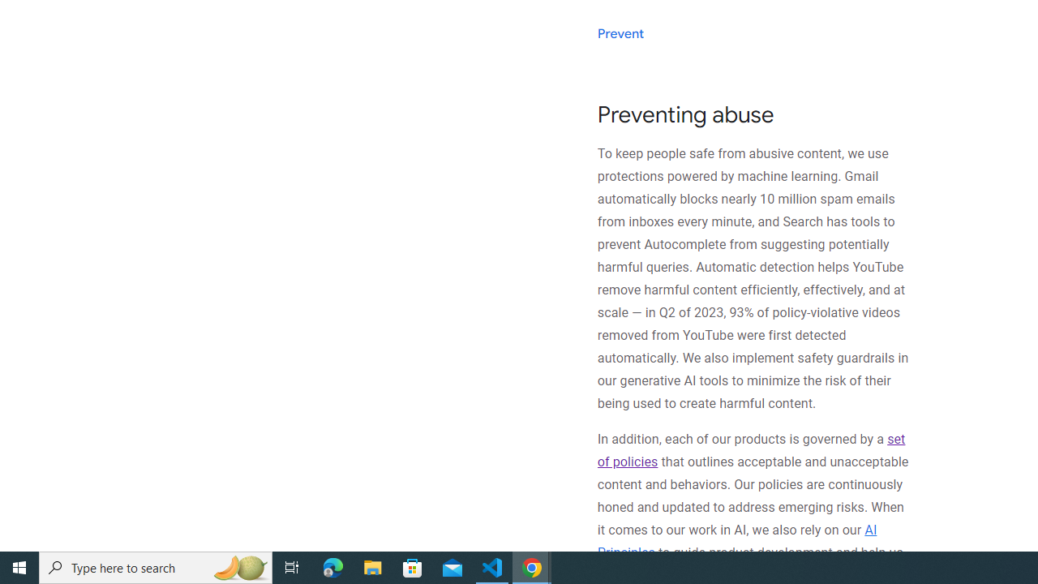 The image size is (1038, 584). I want to click on 'set of policies', so click(750, 450).